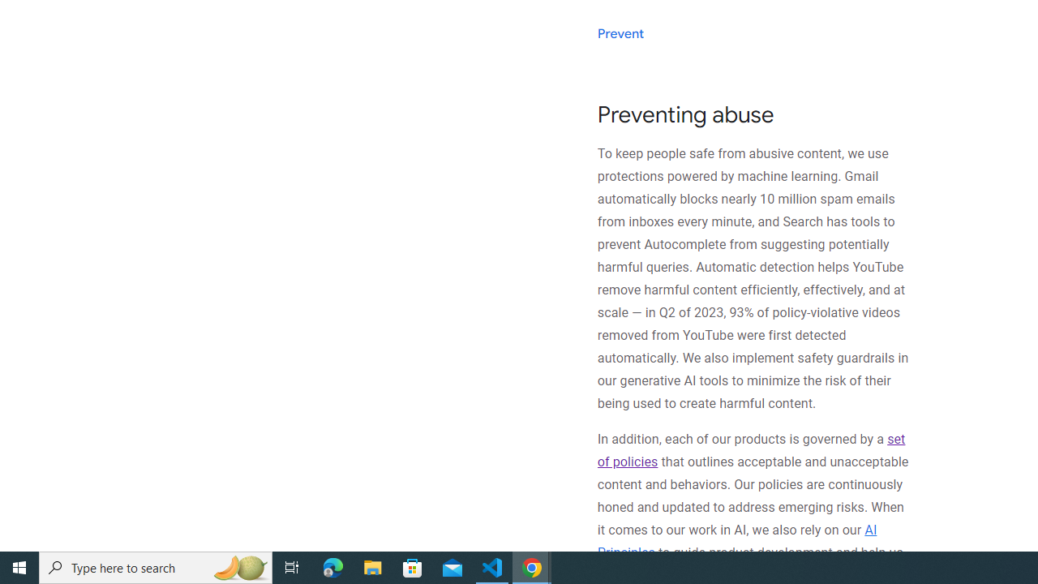 The image size is (1038, 584). I want to click on 'set of policies', so click(750, 450).